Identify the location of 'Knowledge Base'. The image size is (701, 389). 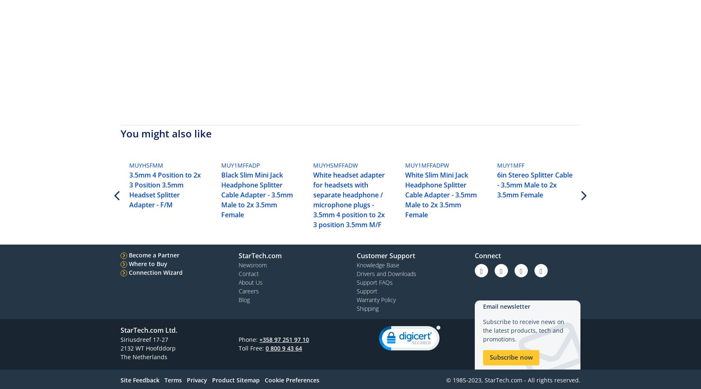
(377, 264).